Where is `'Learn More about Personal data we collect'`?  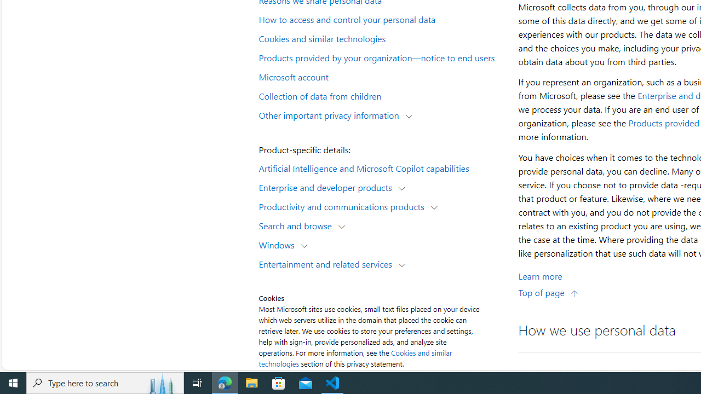 'Learn More about Personal data we collect' is located at coordinates (540, 275).